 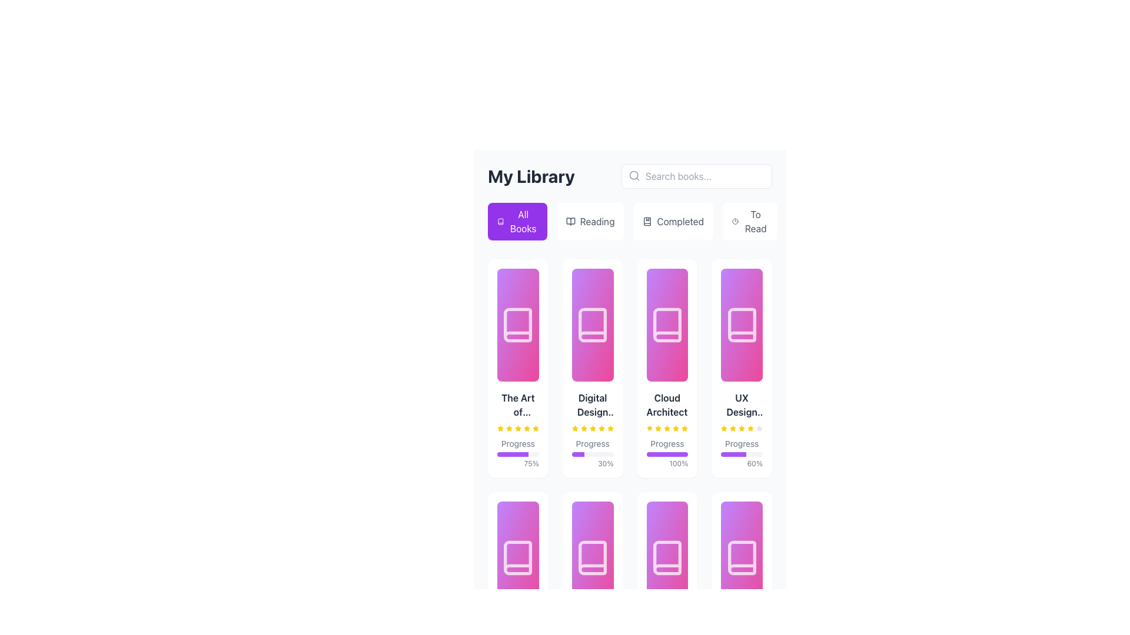 I want to click on the fourth yellow star icon in the rating section of the UX Design card, which is located below the card title and above the progress bar, so click(x=750, y=429).